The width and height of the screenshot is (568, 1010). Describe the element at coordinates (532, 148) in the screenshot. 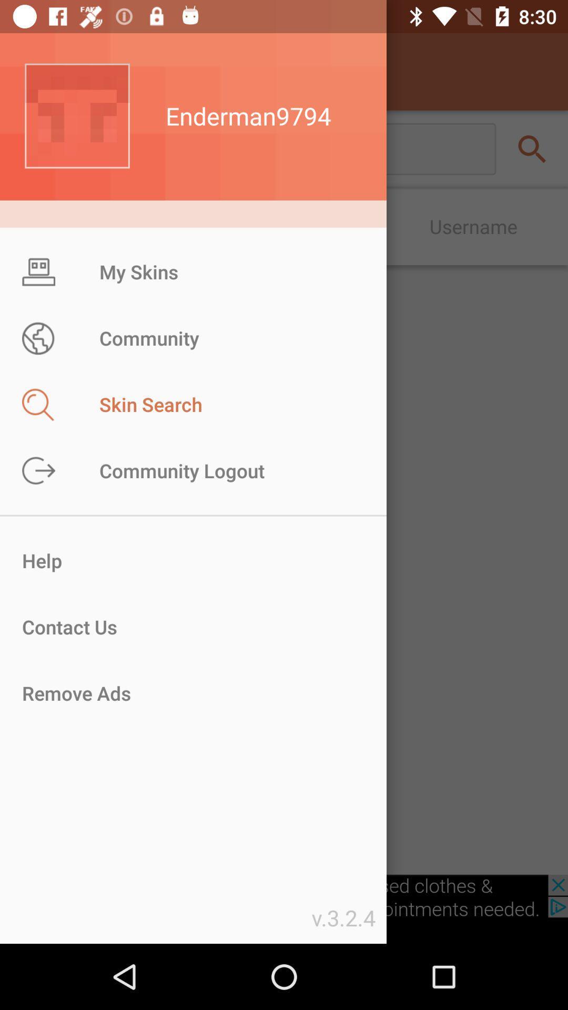

I see `the search icon` at that location.